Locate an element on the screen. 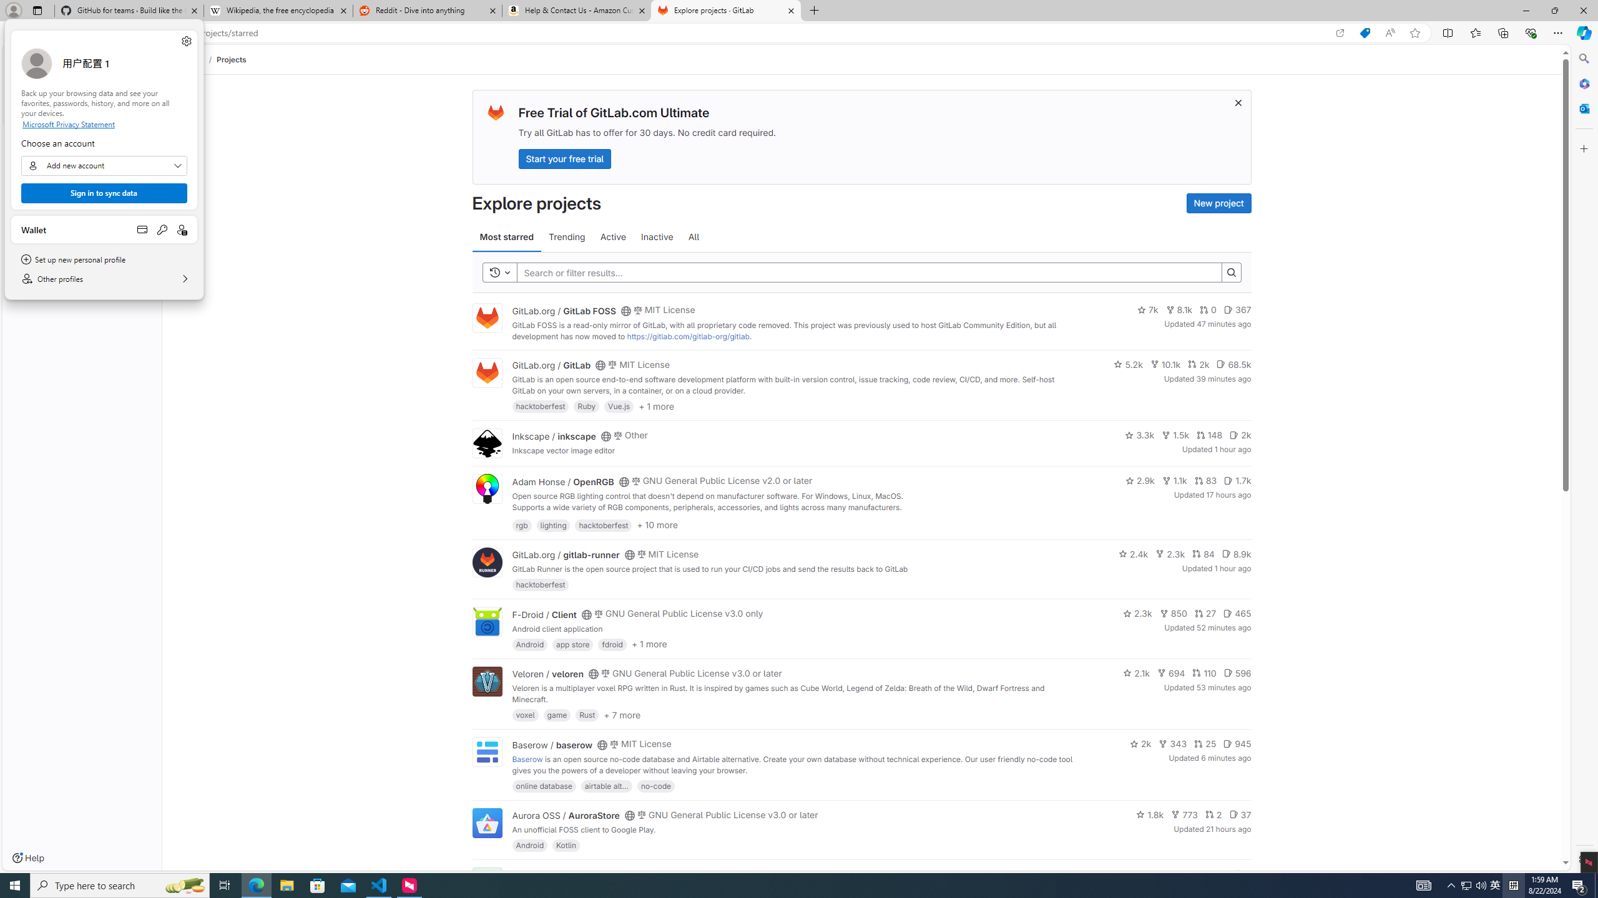 This screenshot has height=898, width=1598. '850' is located at coordinates (1173, 614).